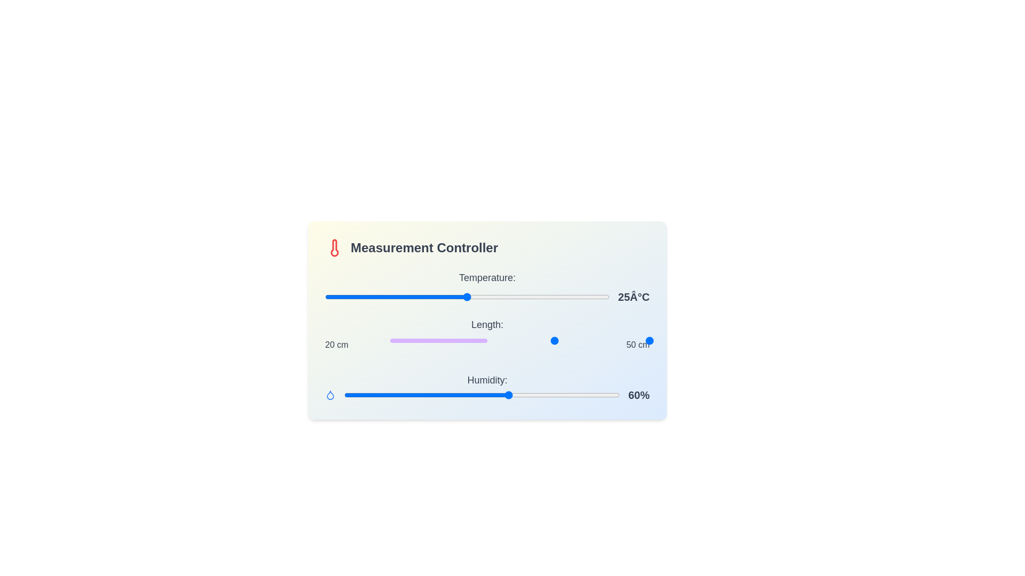  I want to click on the slider value, so click(672, 341).